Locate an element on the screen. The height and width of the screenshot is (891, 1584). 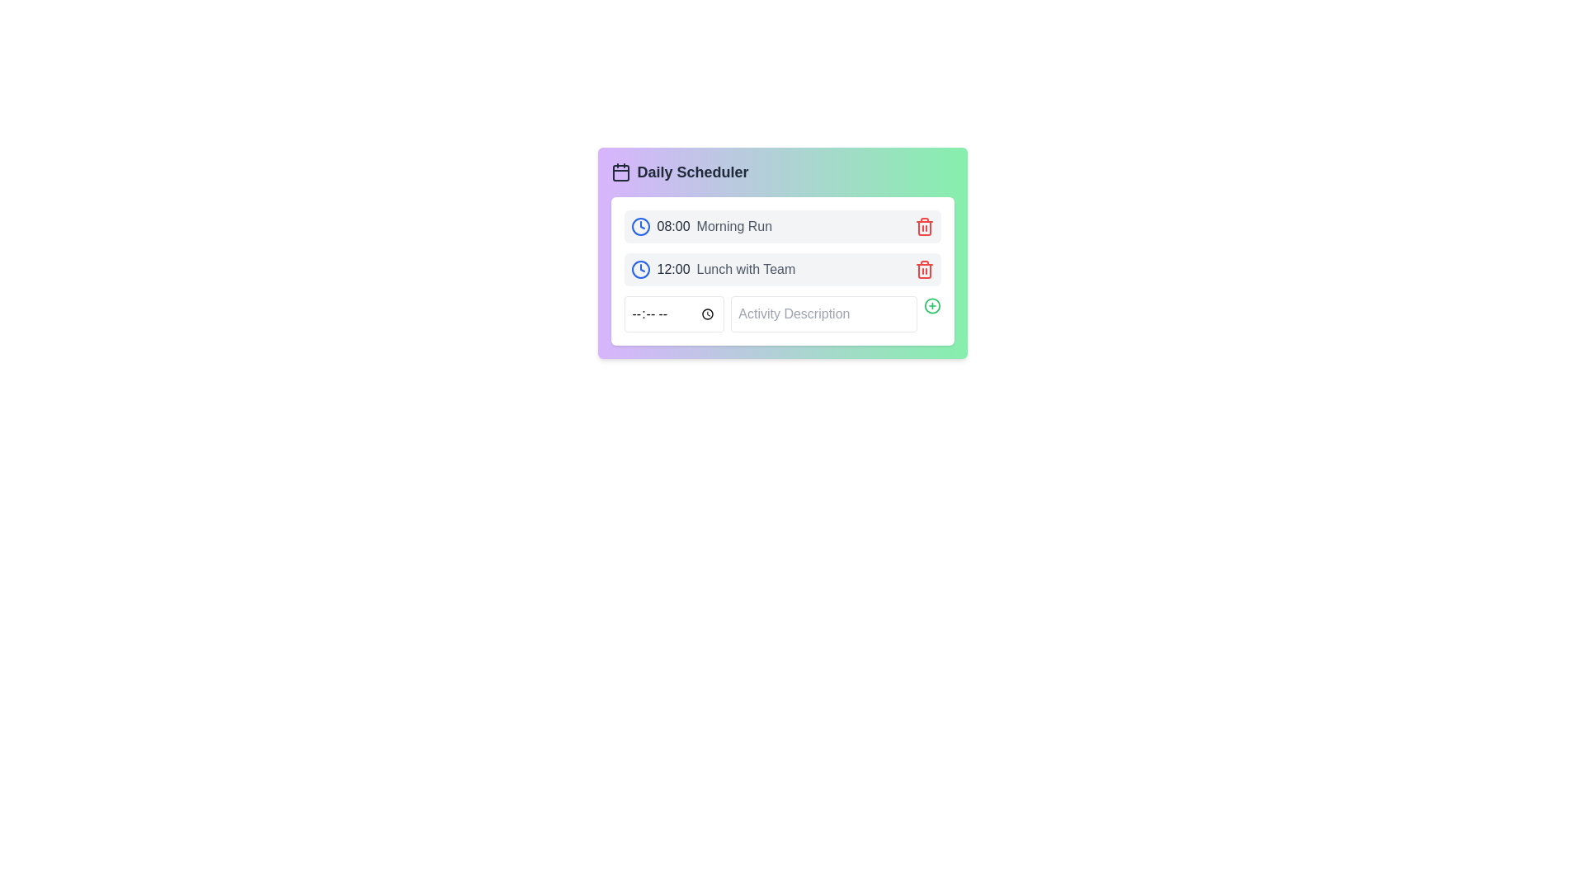
the calendar icon located directly to the left of the 'Daily Scheduler' text in the header to ensure accessibility is located at coordinates (620, 172).